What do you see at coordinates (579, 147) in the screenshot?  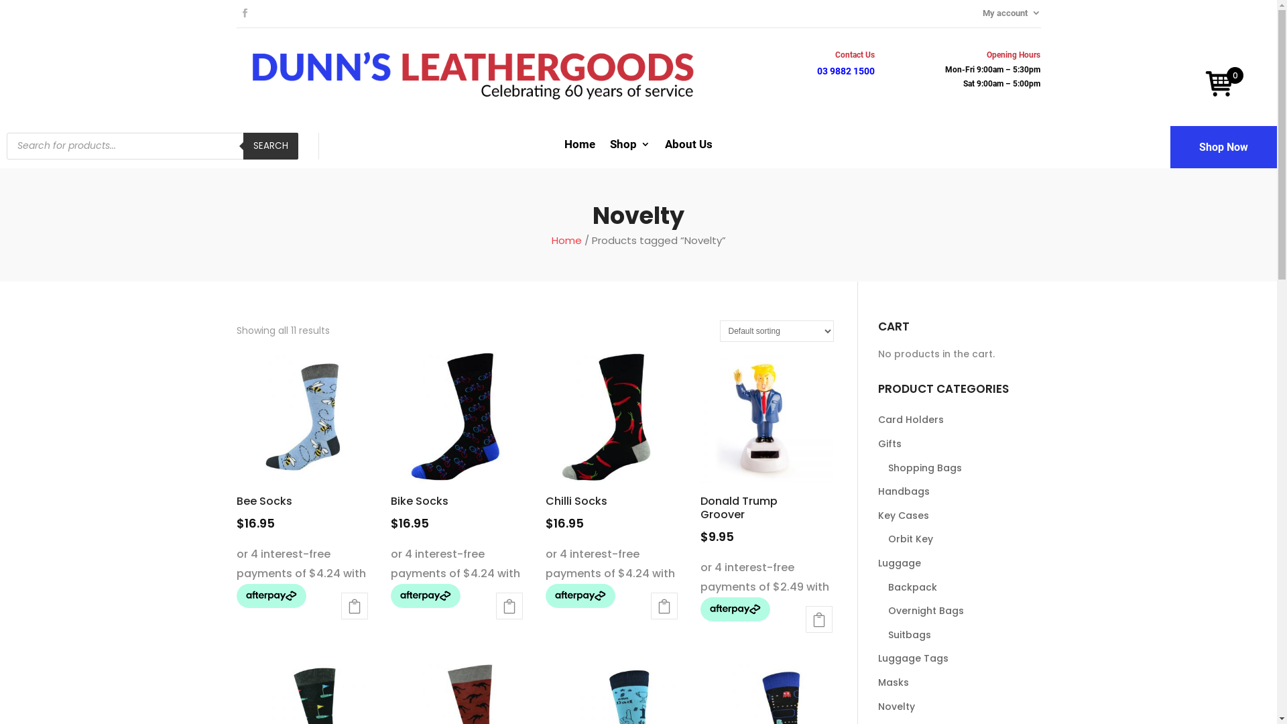 I see `'Home'` at bounding box center [579, 147].